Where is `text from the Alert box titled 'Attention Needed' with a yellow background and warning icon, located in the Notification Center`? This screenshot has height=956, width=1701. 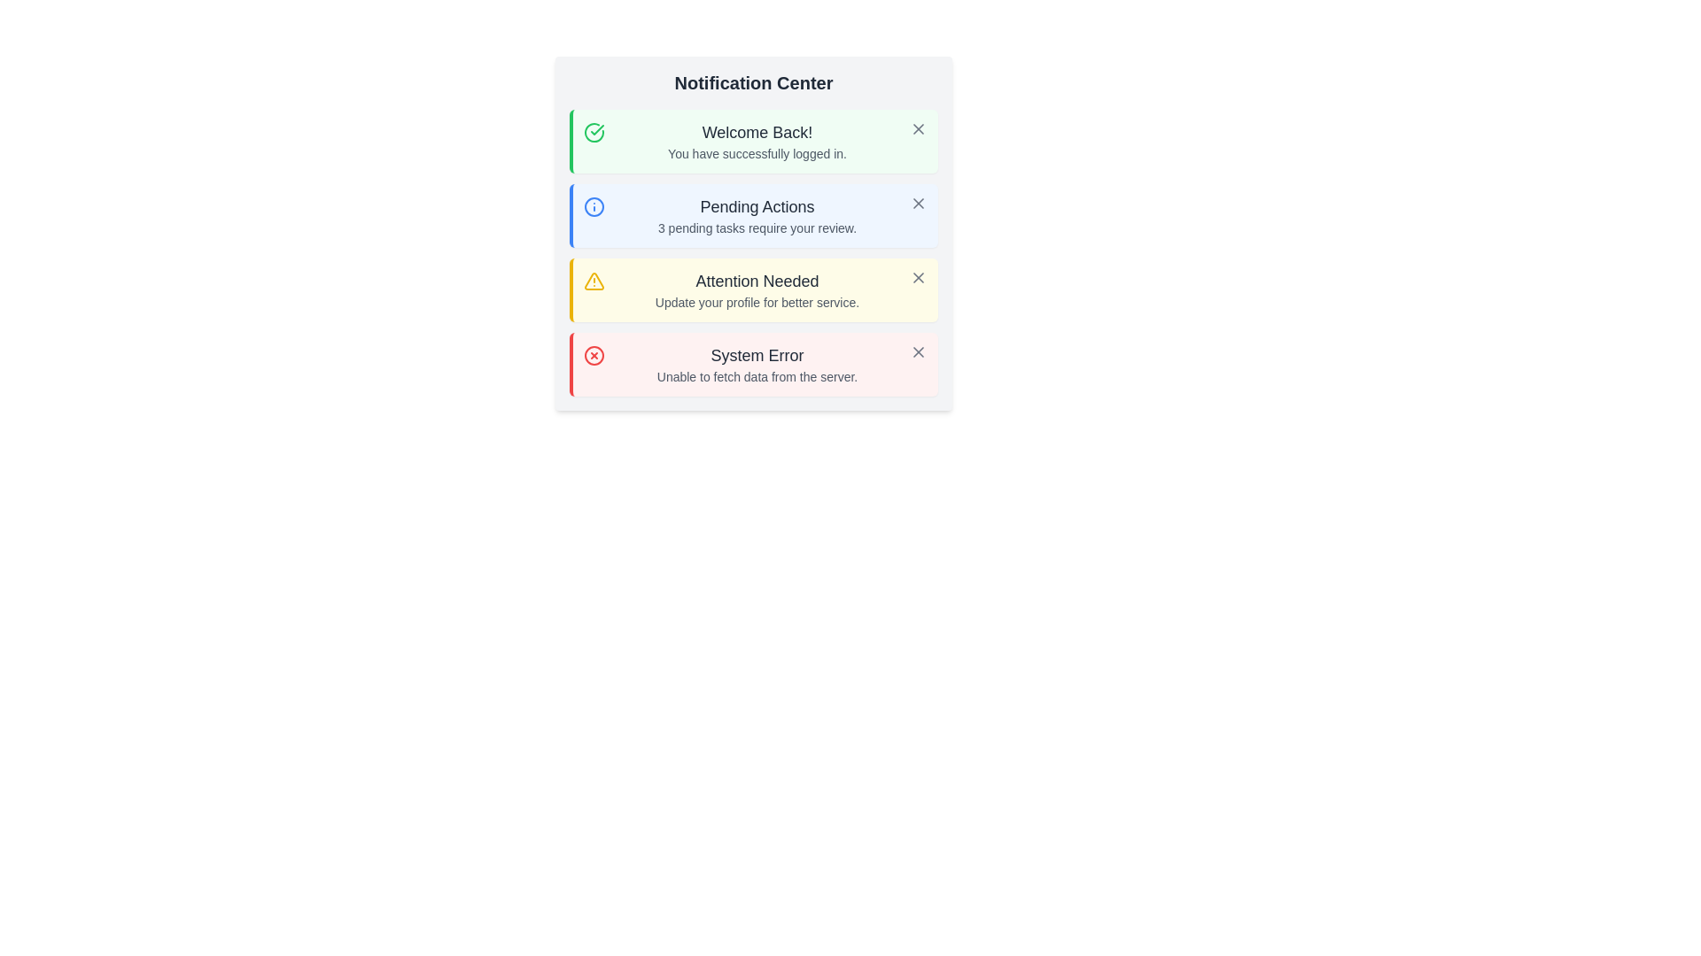 text from the Alert box titled 'Attention Needed' with a yellow background and warning icon, located in the Notification Center is located at coordinates (753, 289).